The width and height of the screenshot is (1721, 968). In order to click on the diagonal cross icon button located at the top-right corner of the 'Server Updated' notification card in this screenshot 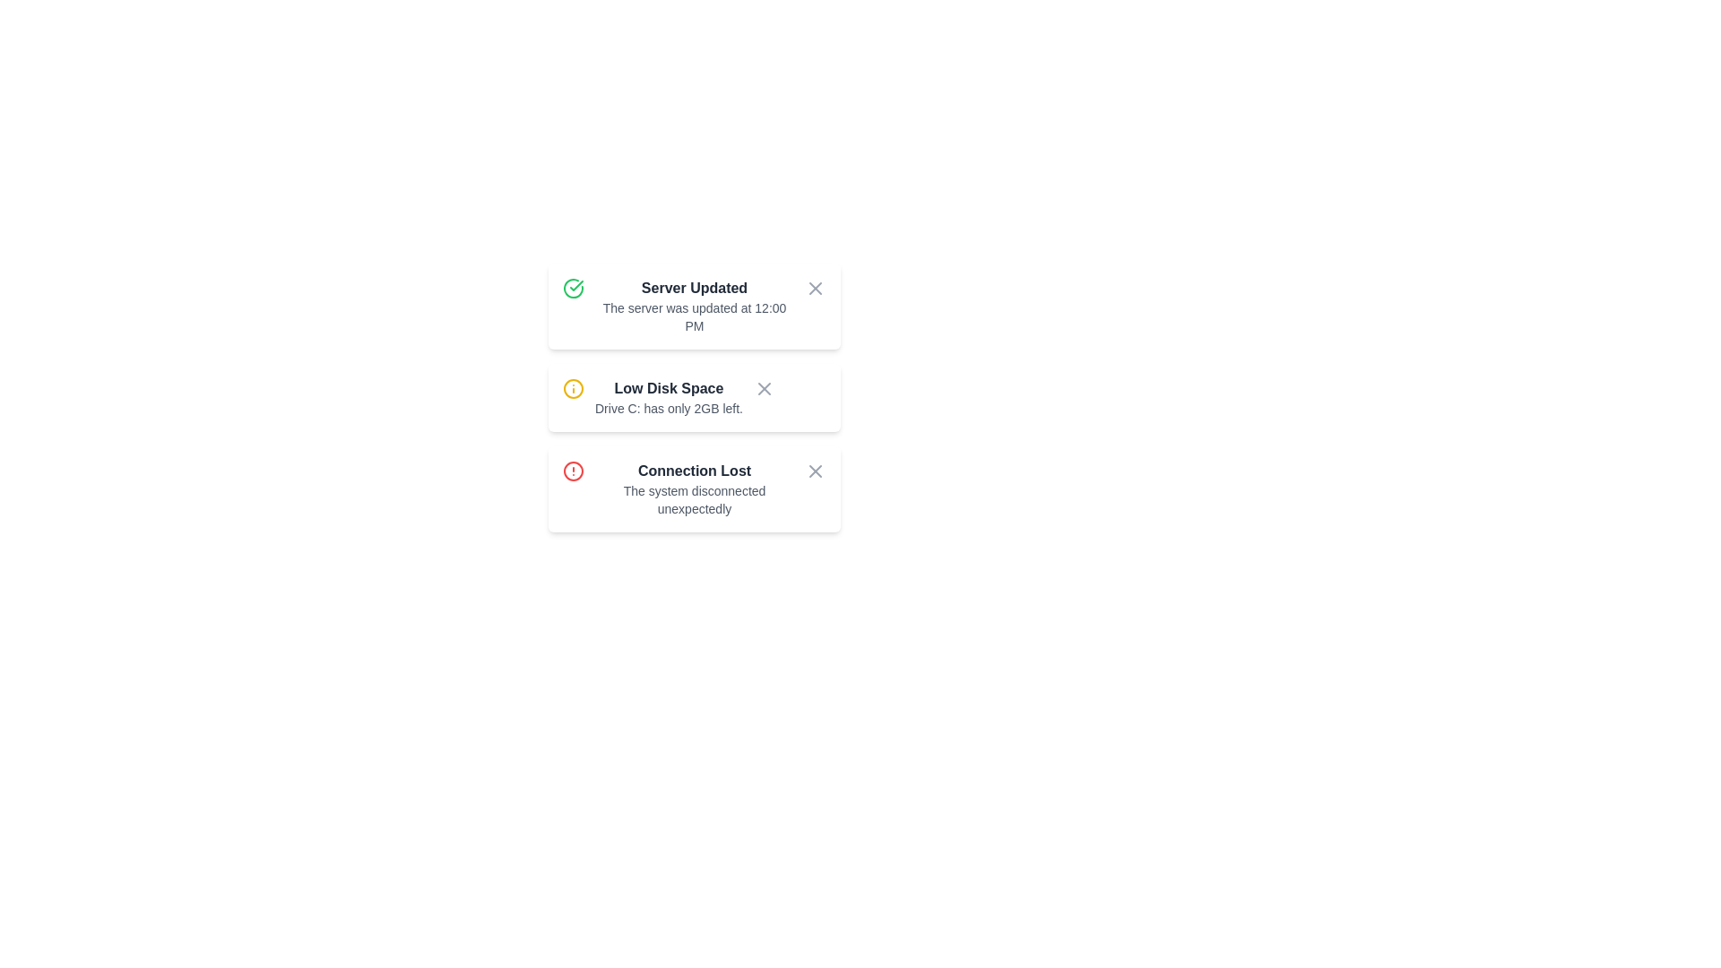, I will do `click(815, 287)`.